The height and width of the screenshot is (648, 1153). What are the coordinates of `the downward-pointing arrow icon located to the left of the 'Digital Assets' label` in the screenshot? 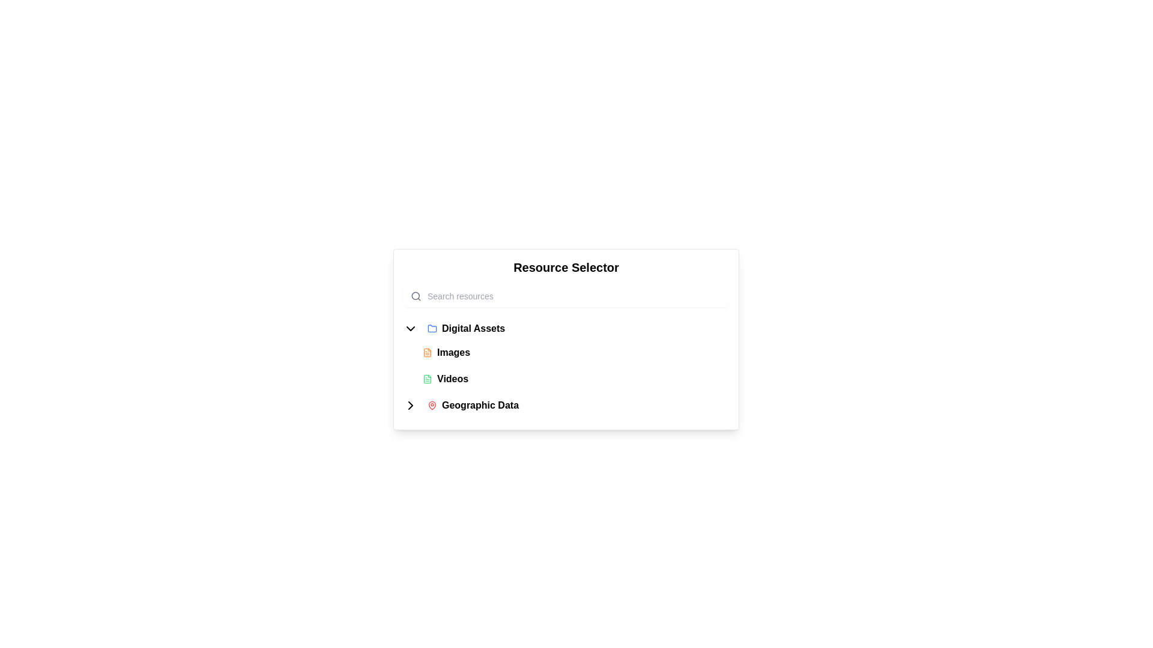 It's located at (411, 328).